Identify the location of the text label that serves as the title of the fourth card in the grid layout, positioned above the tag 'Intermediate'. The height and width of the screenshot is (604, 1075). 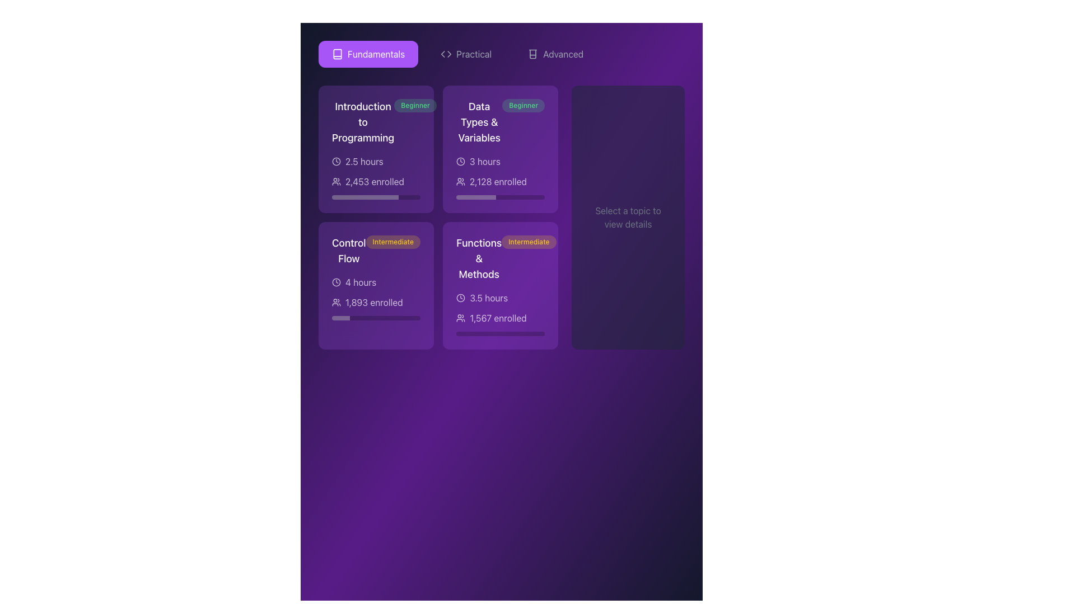
(479, 258).